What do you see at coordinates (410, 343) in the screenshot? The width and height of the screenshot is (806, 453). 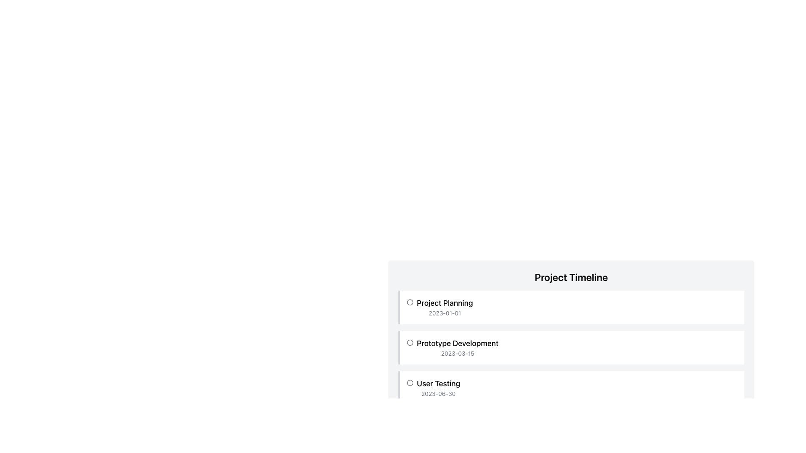 I see `the second circular SVG marker with a gray outline in the timeline interface corresponding to 'Prototype Development'` at bounding box center [410, 343].